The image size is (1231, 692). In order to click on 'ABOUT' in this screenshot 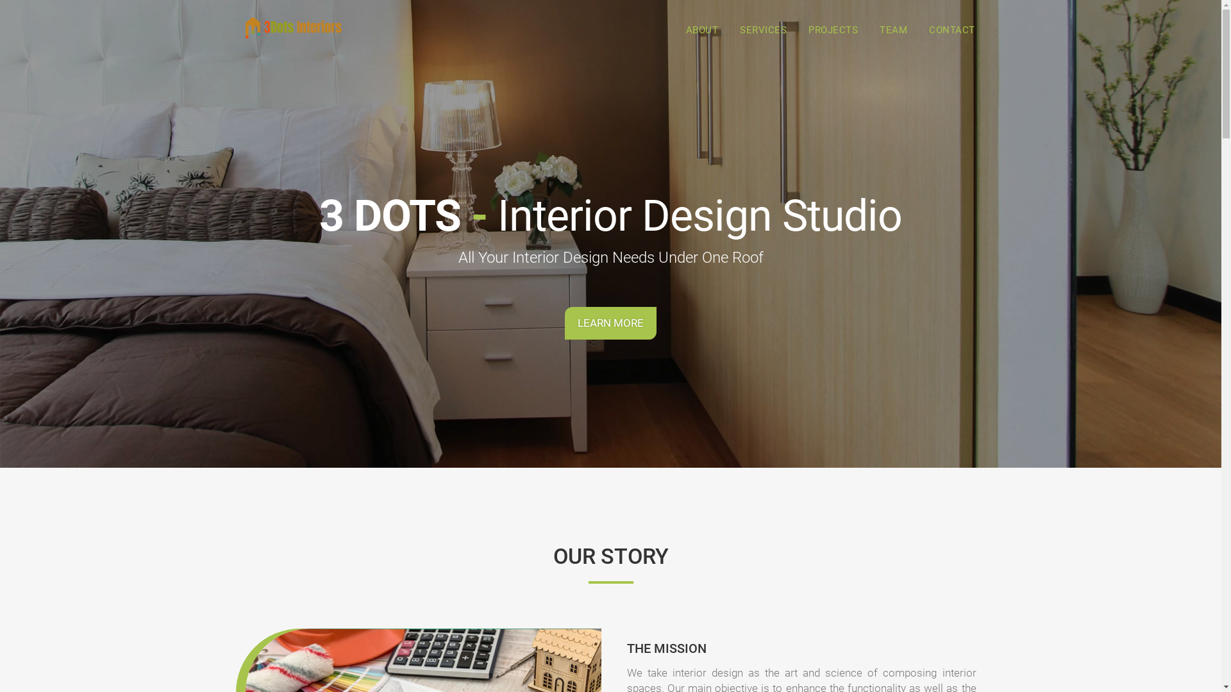, I will do `click(701, 29)`.